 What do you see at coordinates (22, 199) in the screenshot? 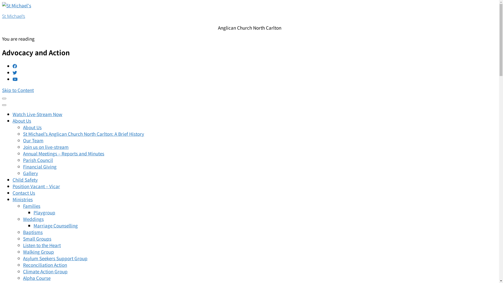
I see `'Ministries'` at bounding box center [22, 199].